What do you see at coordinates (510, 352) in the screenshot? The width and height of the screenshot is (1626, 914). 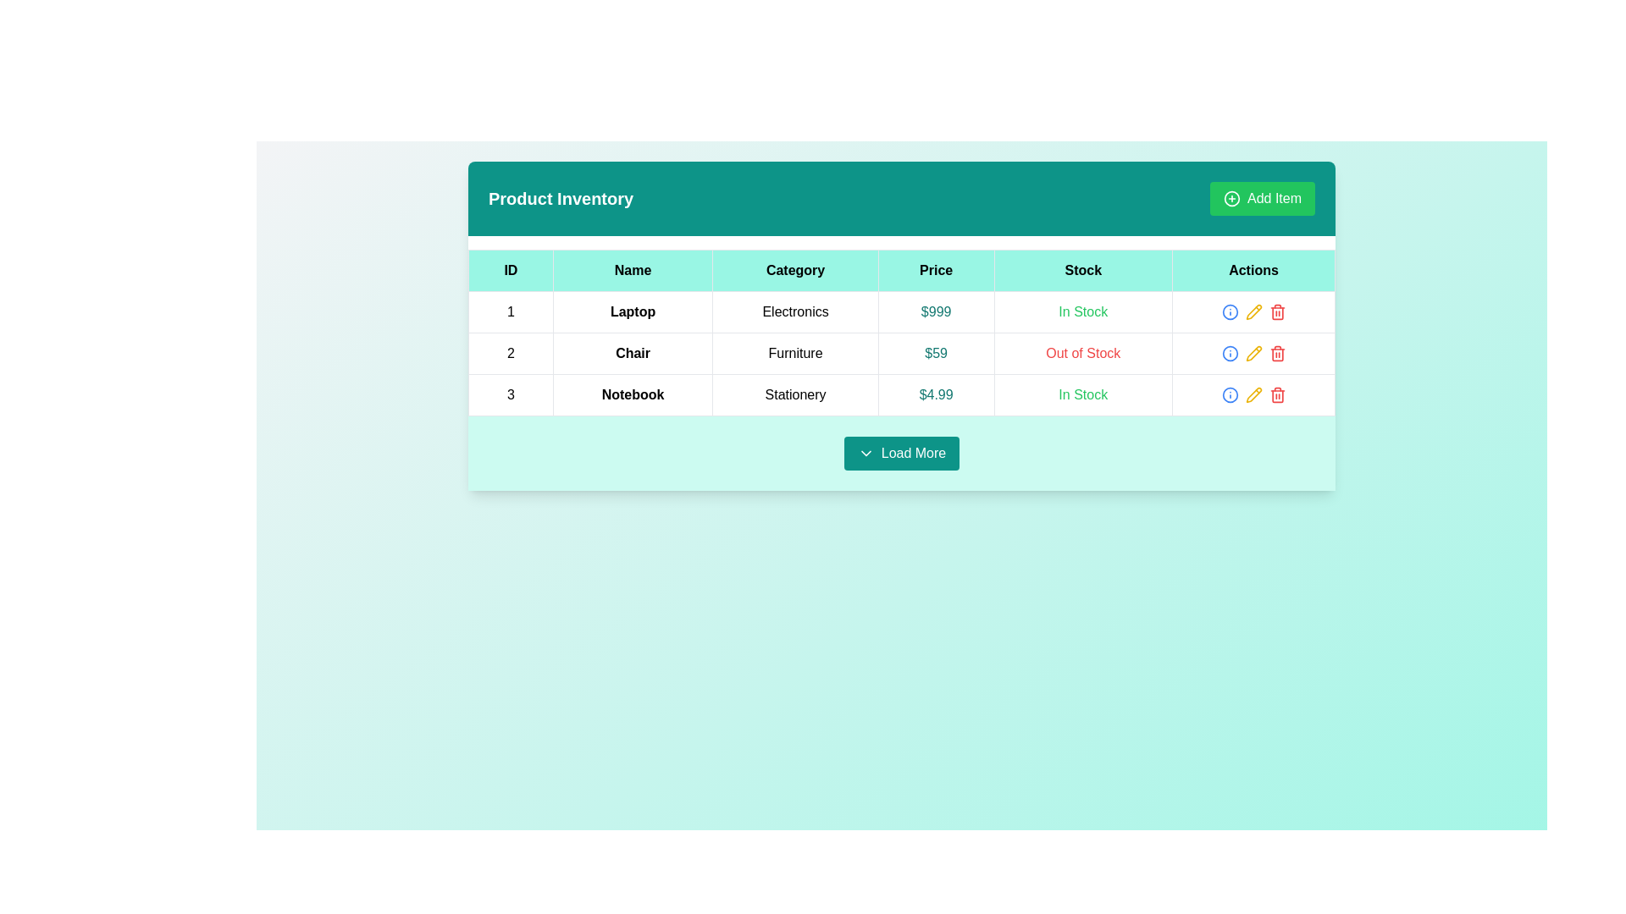 I see `the static text element in the first cell of the second row under the 'ID' column in the data table, which serves as an identifier for a record` at bounding box center [510, 352].